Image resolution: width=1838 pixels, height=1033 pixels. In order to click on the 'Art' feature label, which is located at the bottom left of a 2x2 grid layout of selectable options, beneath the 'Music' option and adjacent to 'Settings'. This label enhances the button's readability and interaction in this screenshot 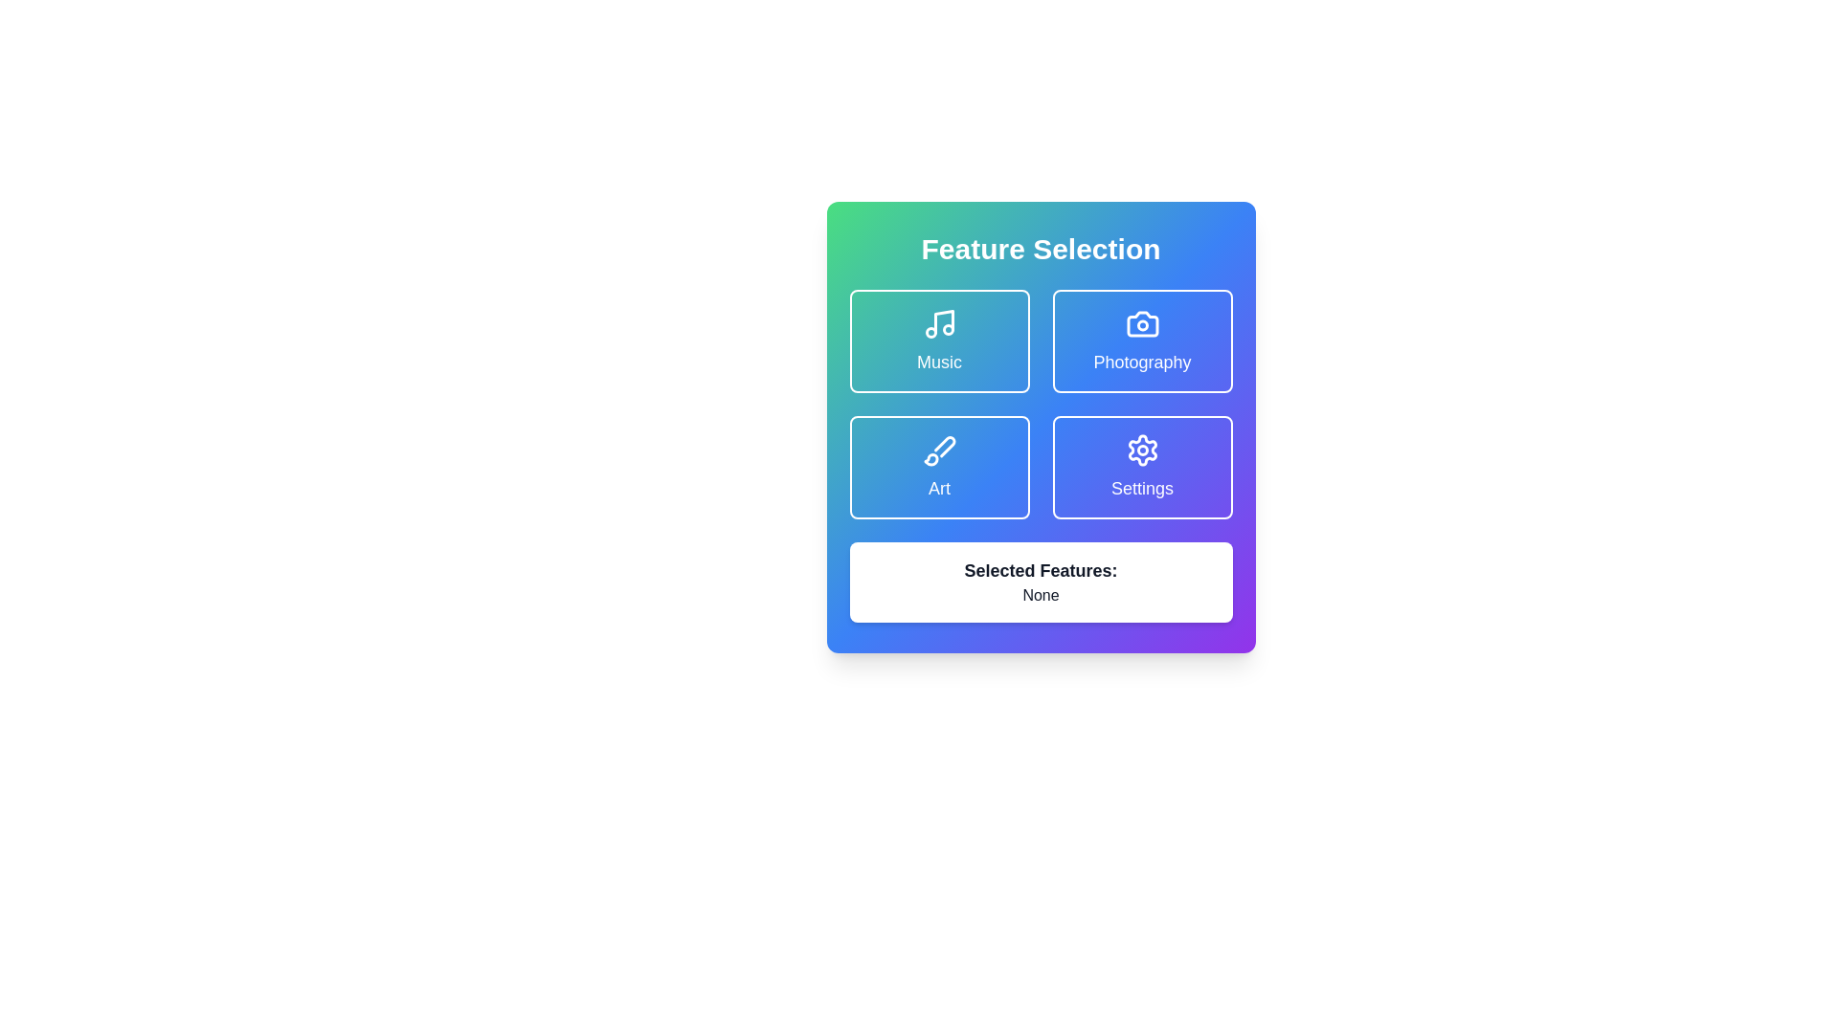, I will do `click(939, 487)`.